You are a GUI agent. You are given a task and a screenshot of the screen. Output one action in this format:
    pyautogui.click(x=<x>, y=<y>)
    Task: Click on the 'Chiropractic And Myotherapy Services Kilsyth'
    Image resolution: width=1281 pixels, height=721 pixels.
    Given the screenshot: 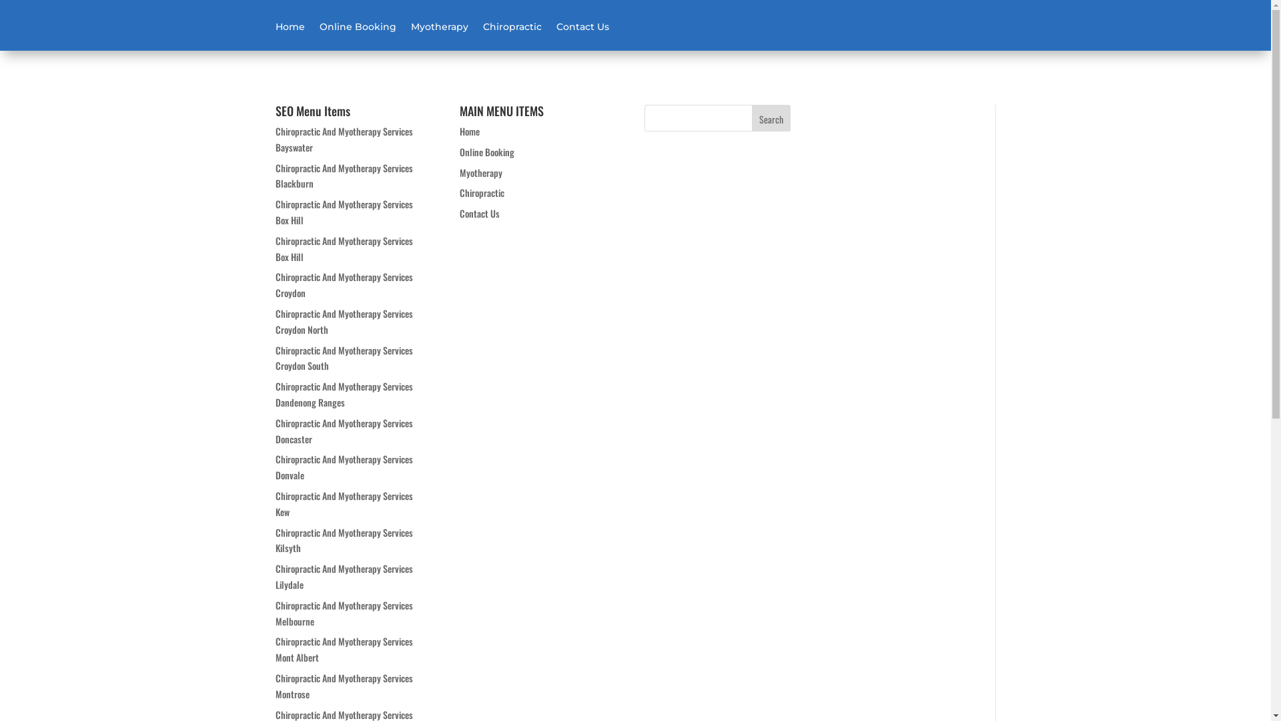 What is the action you would take?
    pyautogui.click(x=343, y=539)
    